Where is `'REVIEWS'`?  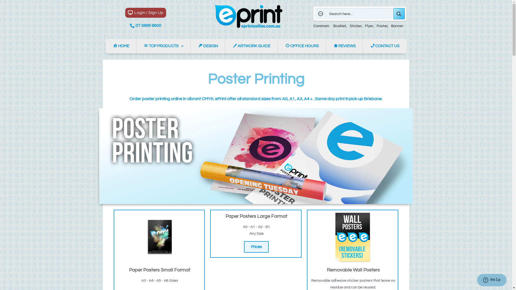 'REVIEWS' is located at coordinates (344, 46).